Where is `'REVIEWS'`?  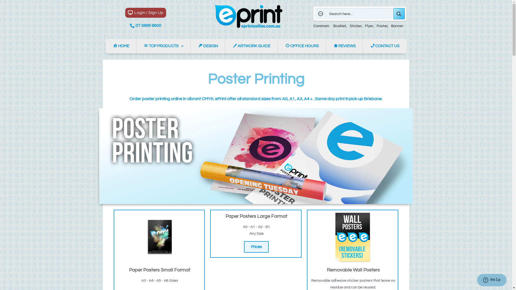 'REVIEWS' is located at coordinates (344, 46).